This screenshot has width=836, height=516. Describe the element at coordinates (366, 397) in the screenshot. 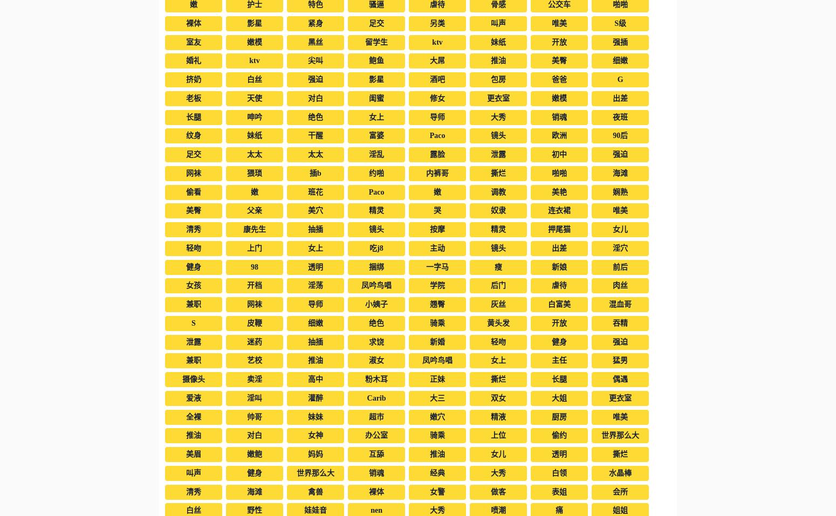

I see `'Carib'` at that location.